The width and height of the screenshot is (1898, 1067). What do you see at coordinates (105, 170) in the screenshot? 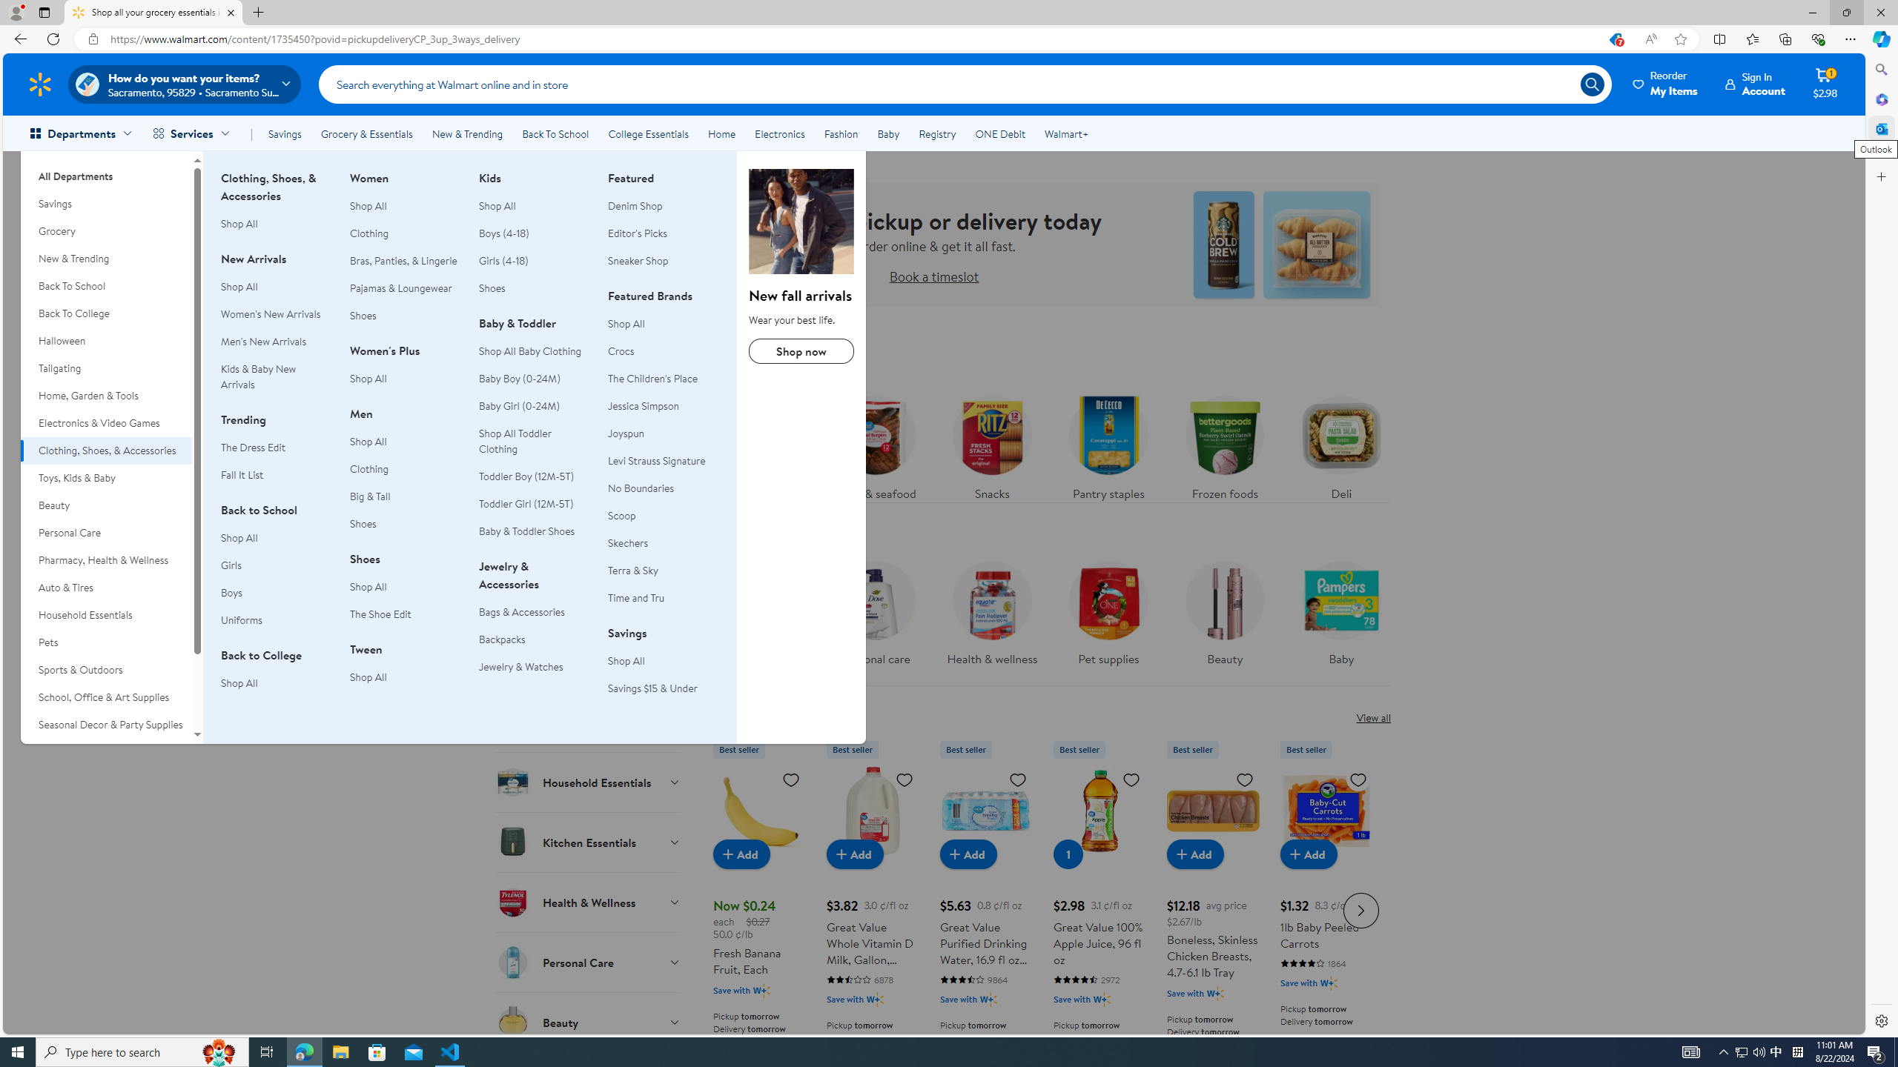
I see `'All Departments'` at bounding box center [105, 170].